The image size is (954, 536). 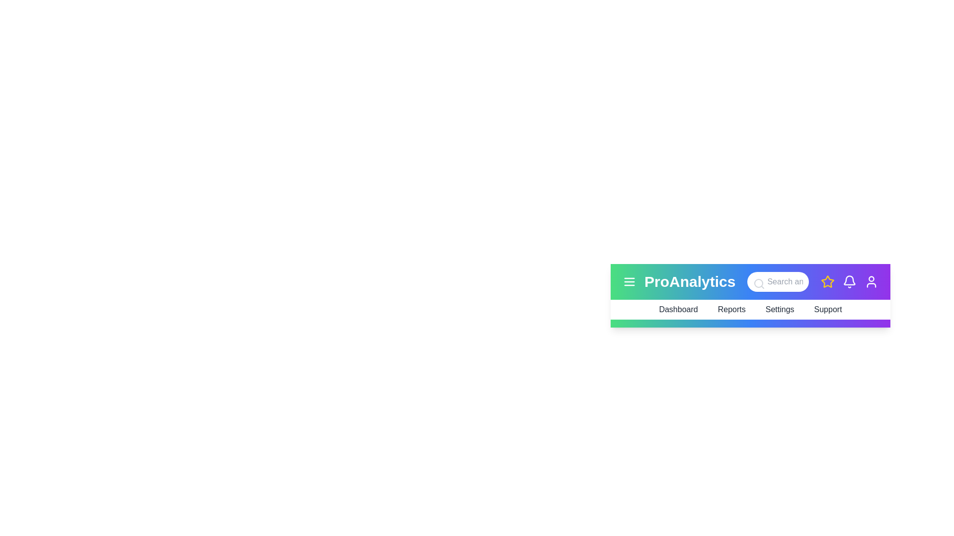 I want to click on the menu option Support, so click(x=828, y=309).